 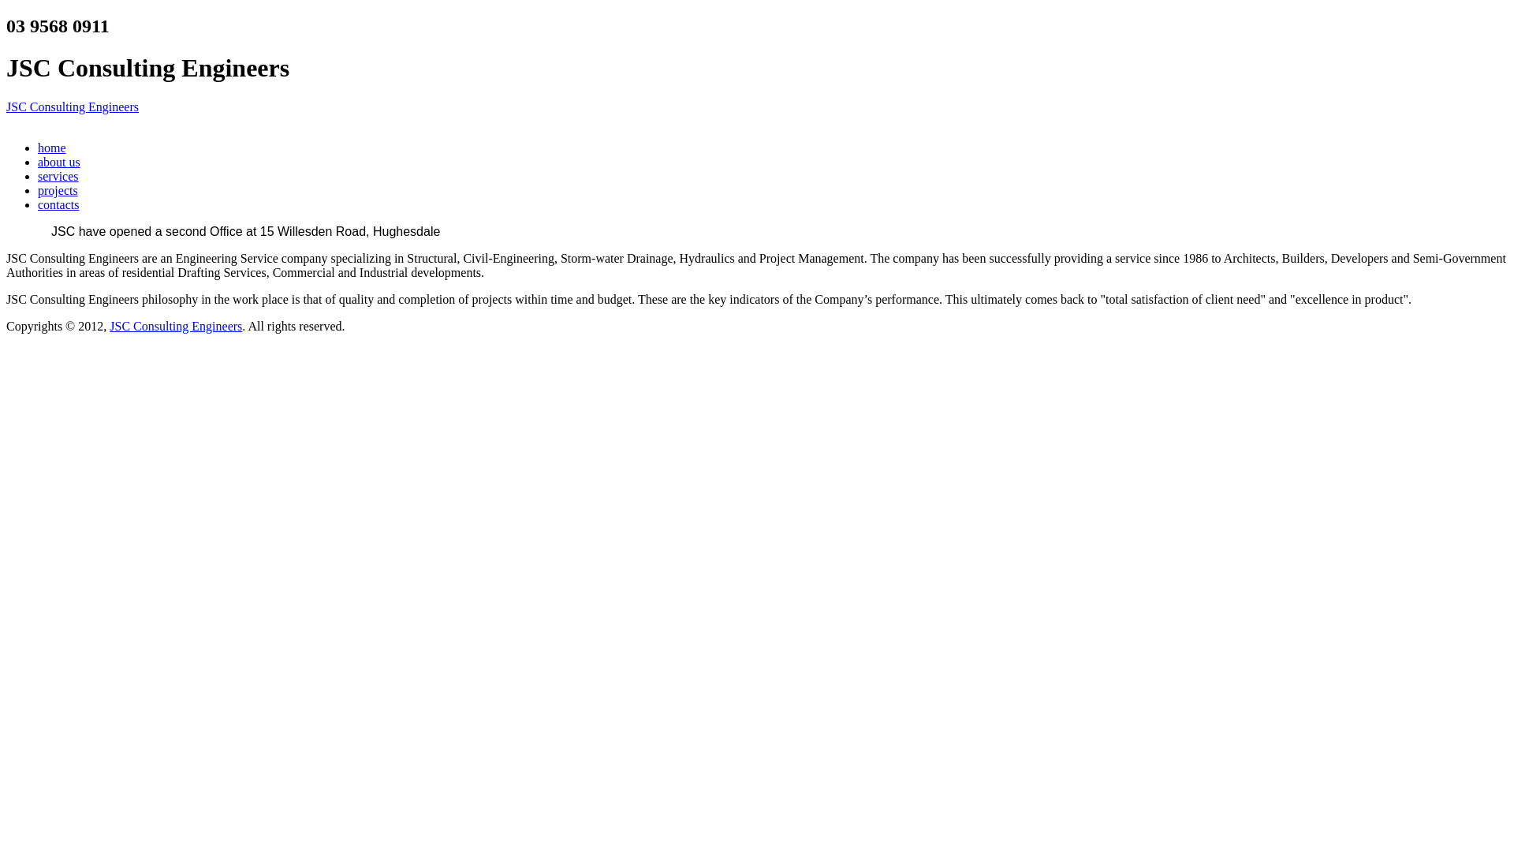 What do you see at coordinates (58, 204) in the screenshot?
I see `'contacts'` at bounding box center [58, 204].